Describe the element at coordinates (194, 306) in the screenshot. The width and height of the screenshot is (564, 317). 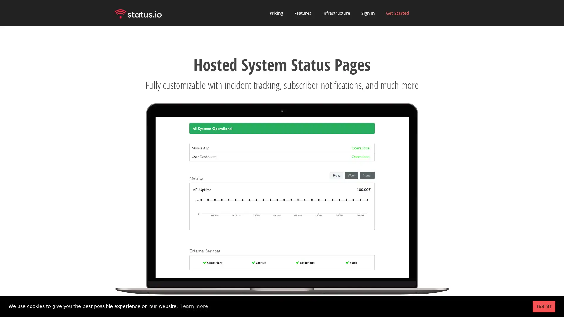
I see `learn more about cookies` at that location.